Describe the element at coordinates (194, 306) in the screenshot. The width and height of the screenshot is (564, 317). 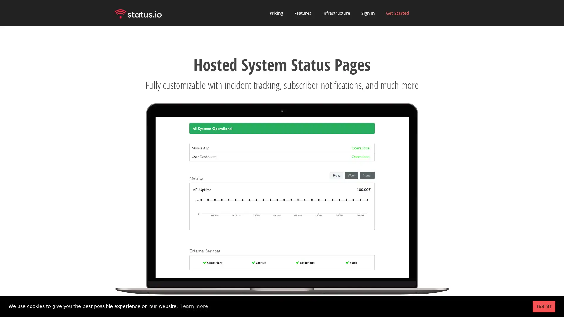
I see `learn more about cookies` at that location.